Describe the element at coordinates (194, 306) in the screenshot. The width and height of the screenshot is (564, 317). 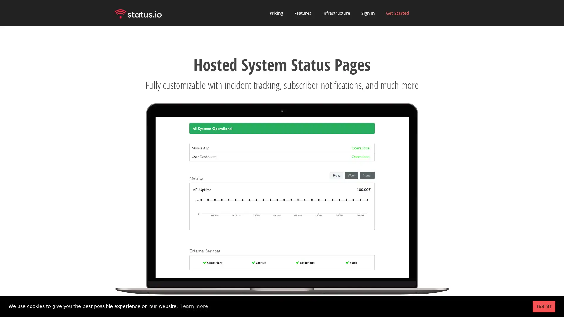
I see `learn more about cookies` at that location.